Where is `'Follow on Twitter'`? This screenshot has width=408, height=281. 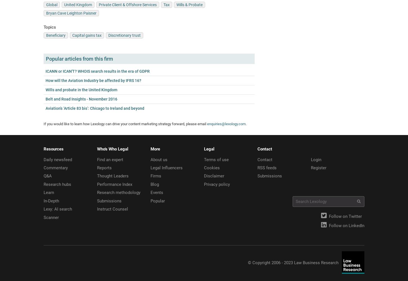 'Follow on Twitter' is located at coordinates (345, 216).